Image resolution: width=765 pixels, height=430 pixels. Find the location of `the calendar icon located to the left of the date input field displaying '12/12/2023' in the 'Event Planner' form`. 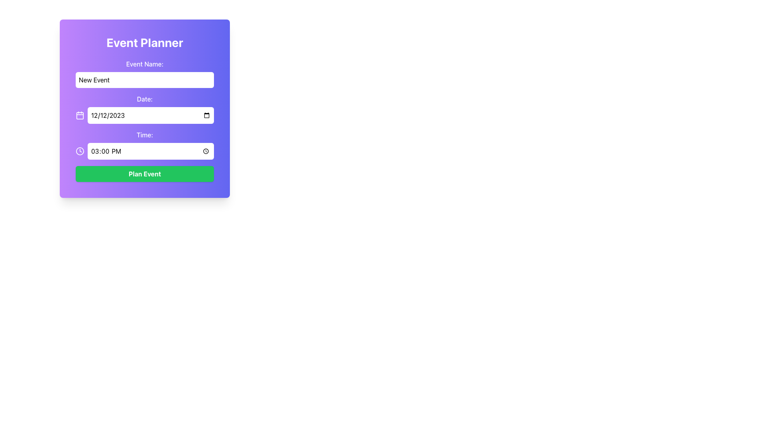

the calendar icon located to the left of the date input field displaying '12/12/2023' in the 'Event Planner' form is located at coordinates (80, 115).